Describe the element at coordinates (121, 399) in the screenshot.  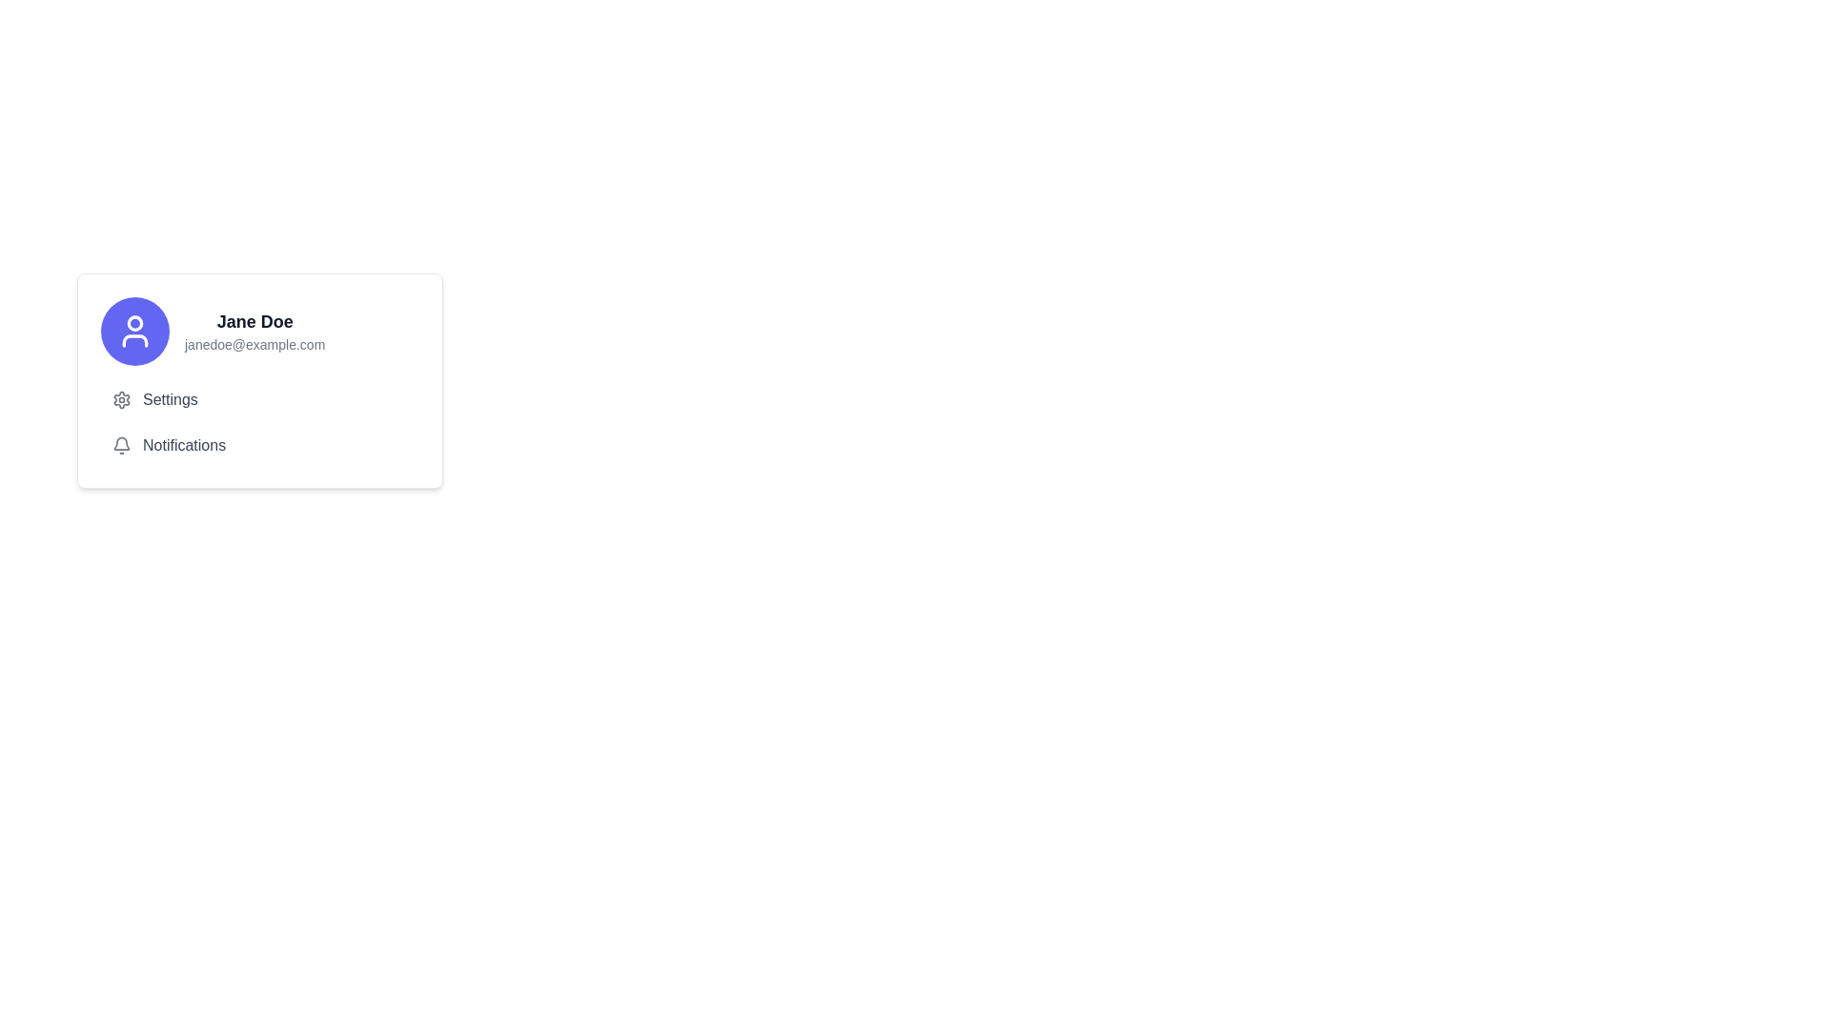
I see `the settings SVG icon located to the left of the 'Settings' label within the user profile card layout` at that location.